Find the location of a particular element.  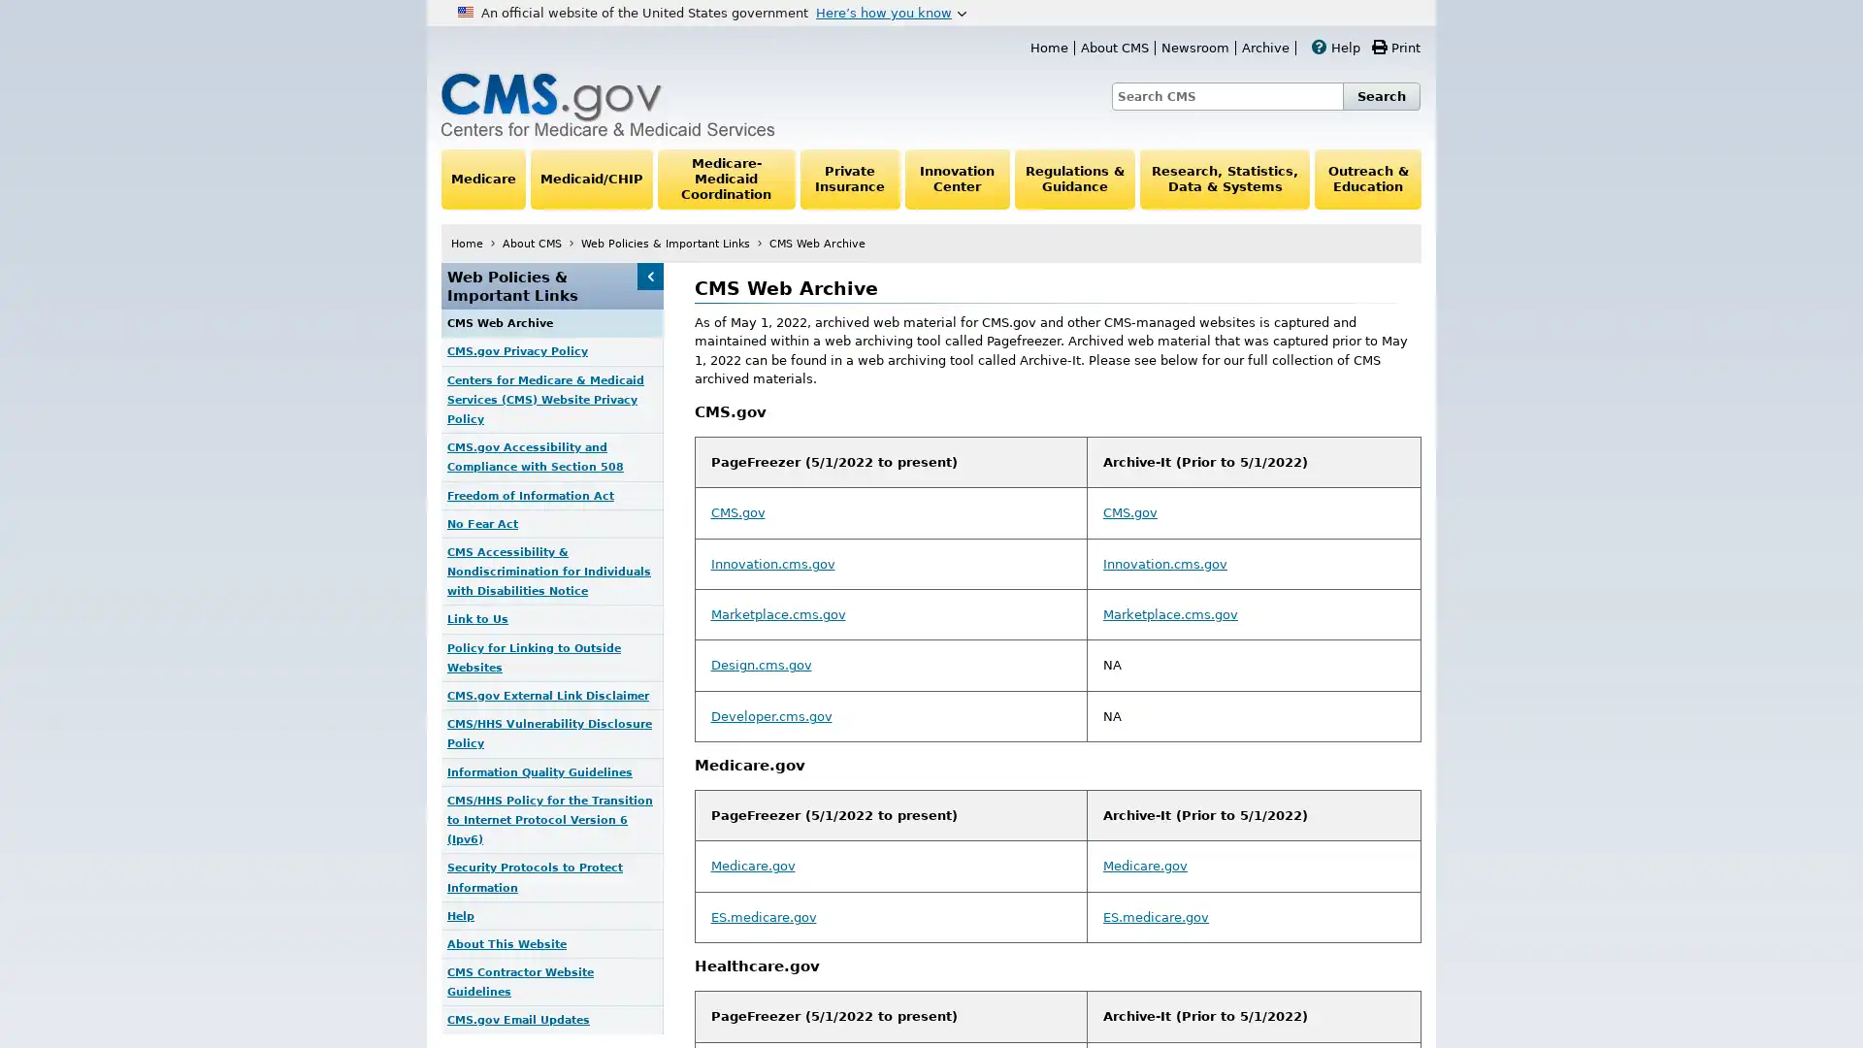

Search is located at coordinates (1381, 96).